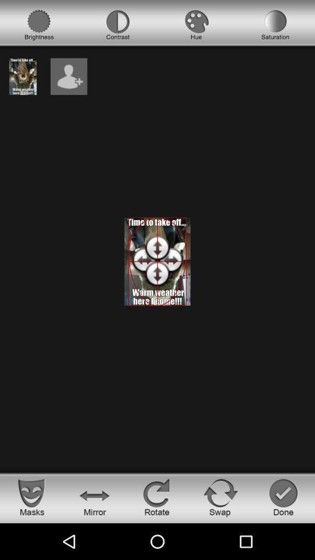  What do you see at coordinates (118, 24) in the screenshot?
I see `choose contrast option` at bounding box center [118, 24].